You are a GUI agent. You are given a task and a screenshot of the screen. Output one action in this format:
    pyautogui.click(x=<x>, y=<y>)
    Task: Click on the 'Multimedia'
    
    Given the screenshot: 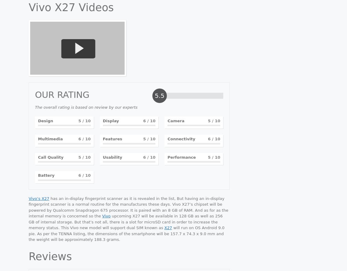 What is the action you would take?
    pyautogui.click(x=50, y=139)
    